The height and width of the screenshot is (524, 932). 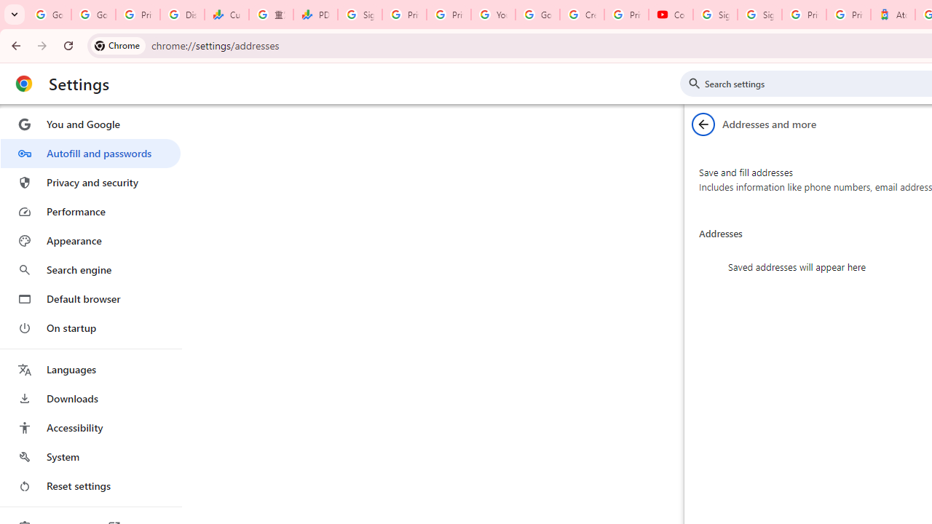 I want to click on 'Google Workspace Admin Community', so click(x=49, y=15).